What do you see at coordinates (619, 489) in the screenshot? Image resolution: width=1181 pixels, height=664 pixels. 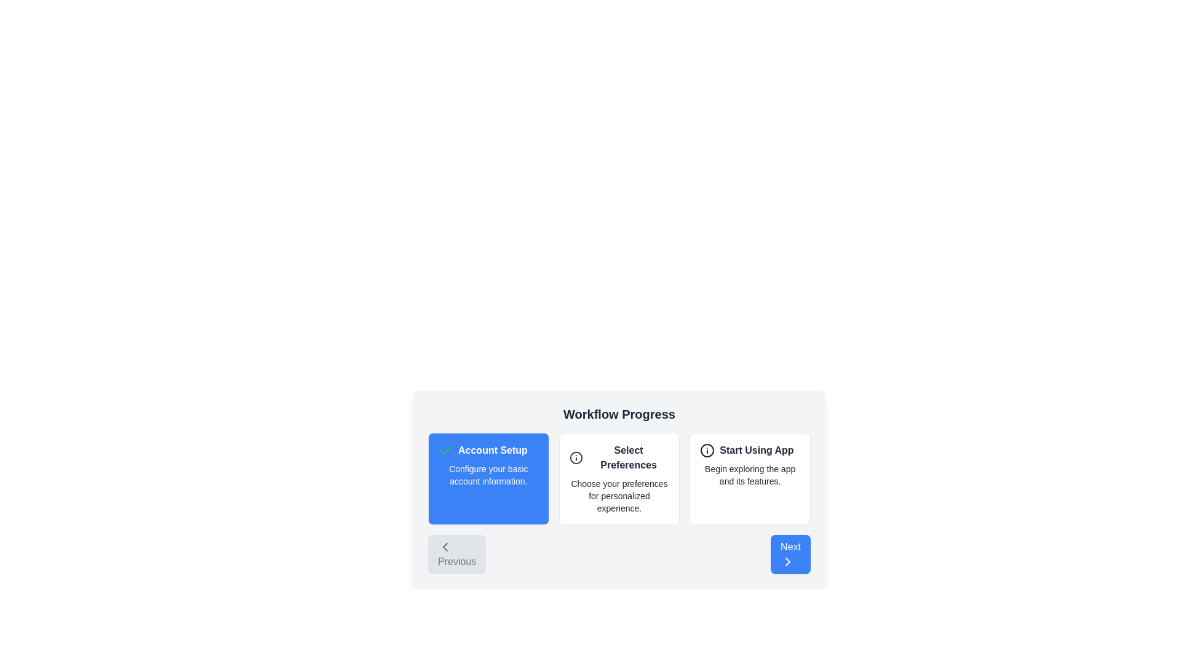 I see `the composite UI component consisting of three horizontally aligned cards in the workflow progress bar` at bounding box center [619, 489].